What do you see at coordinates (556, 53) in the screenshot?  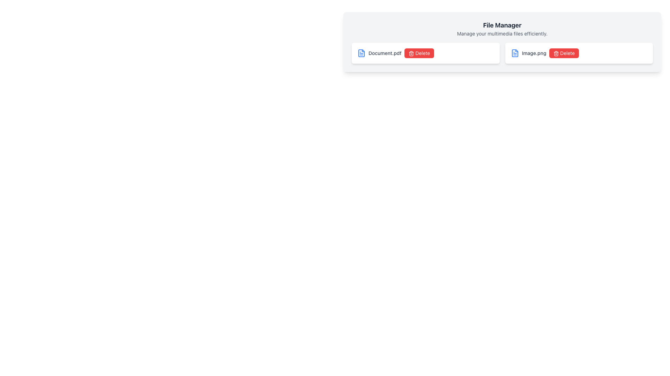 I see `the 'Delete' icon located slightly to the left within the red 'Delete' button` at bounding box center [556, 53].